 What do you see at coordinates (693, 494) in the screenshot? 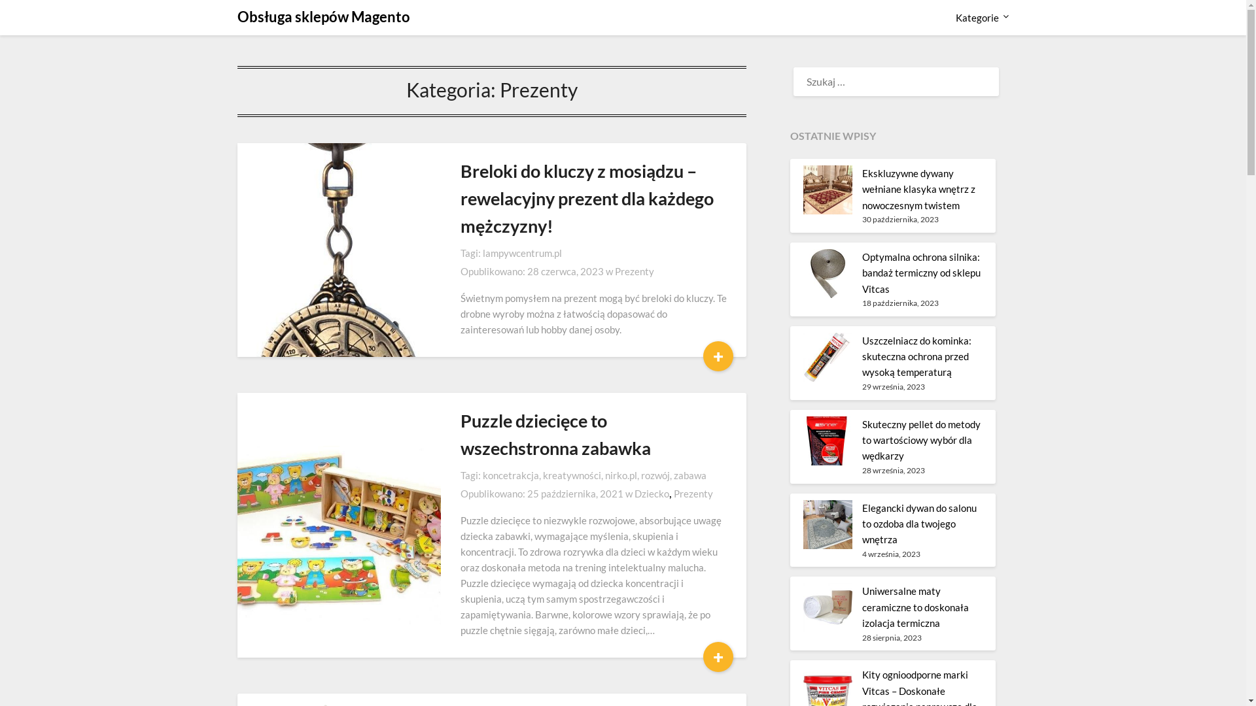
I see `'Prezenty'` at bounding box center [693, 494].